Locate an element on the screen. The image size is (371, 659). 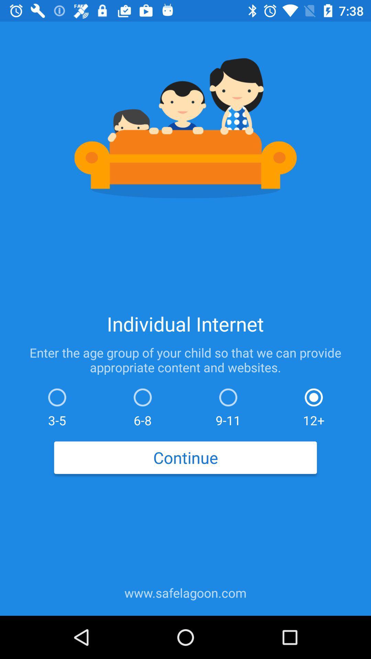
item above the continue is located at coordinates (57, 406).